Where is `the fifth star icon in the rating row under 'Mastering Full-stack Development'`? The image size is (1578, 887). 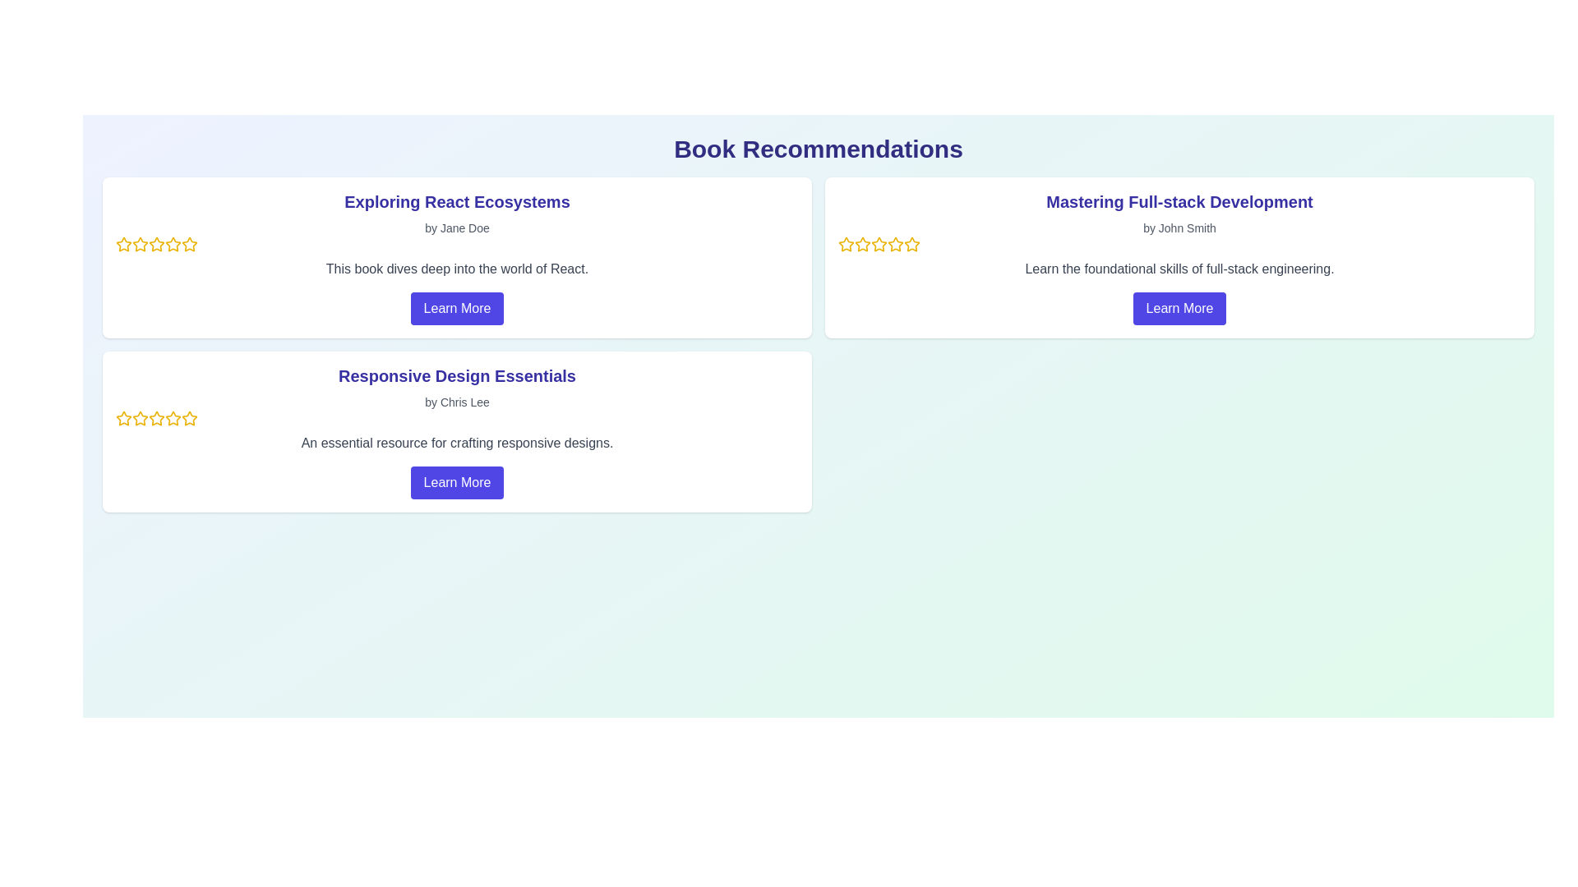
the fifth star icon in the rating row under 'Mastering Full-stack Development' is located at coordinates (911, 244).